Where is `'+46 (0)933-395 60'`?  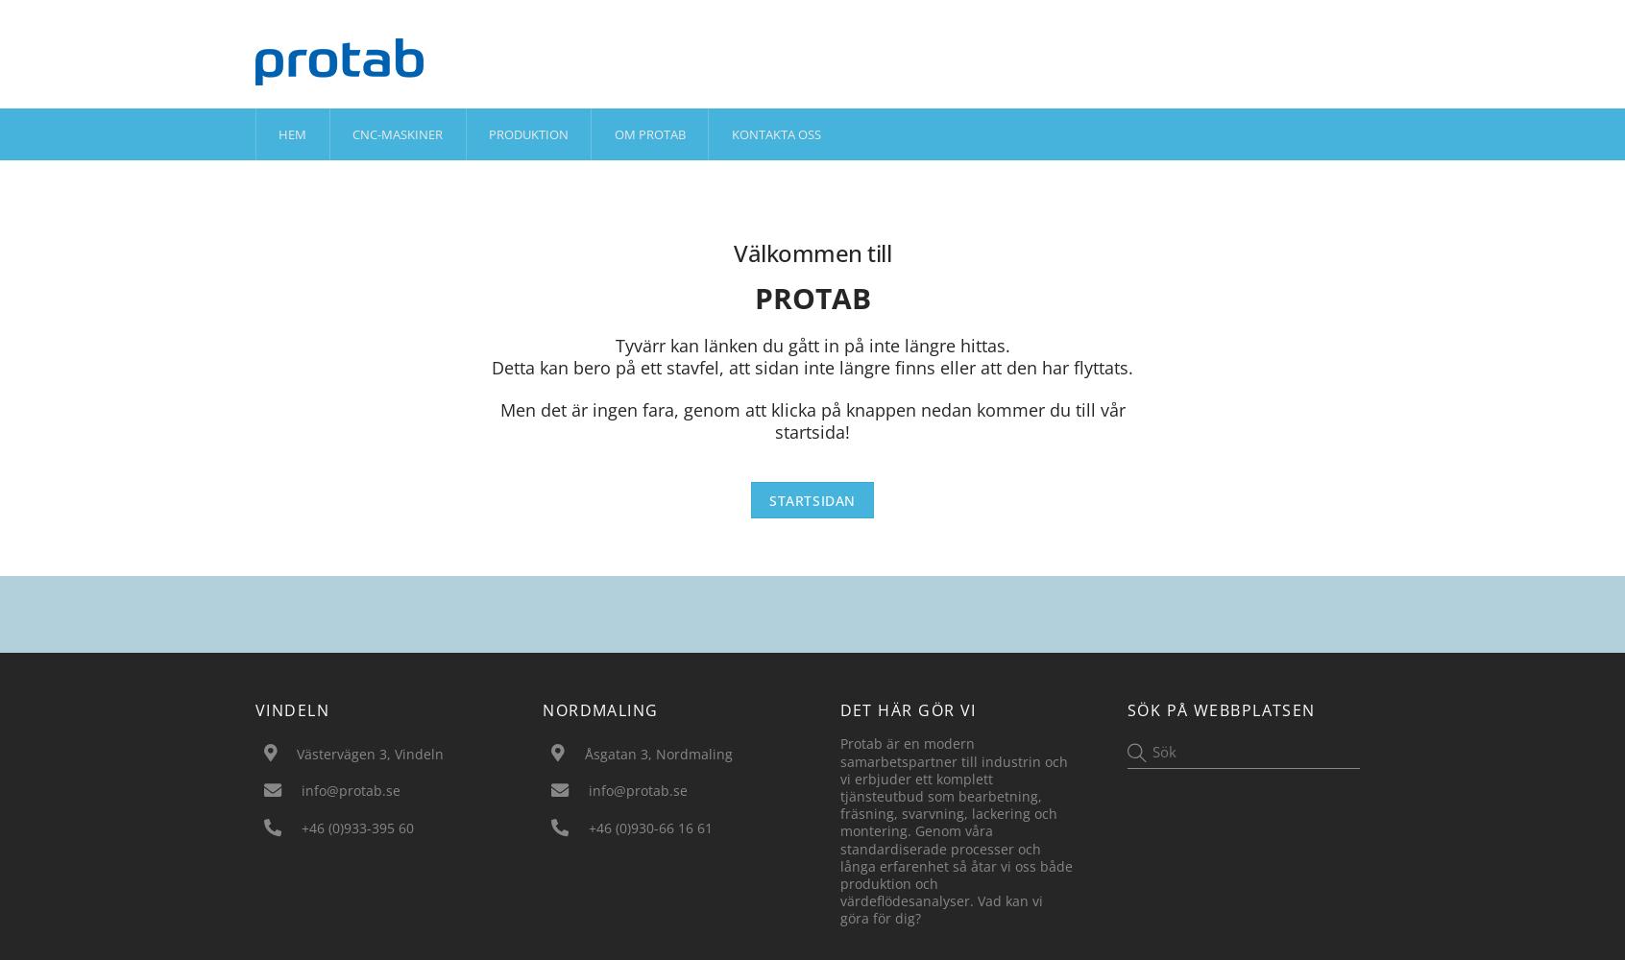 '+46 (0)933-395 60' is located at coordinates (356, 826).